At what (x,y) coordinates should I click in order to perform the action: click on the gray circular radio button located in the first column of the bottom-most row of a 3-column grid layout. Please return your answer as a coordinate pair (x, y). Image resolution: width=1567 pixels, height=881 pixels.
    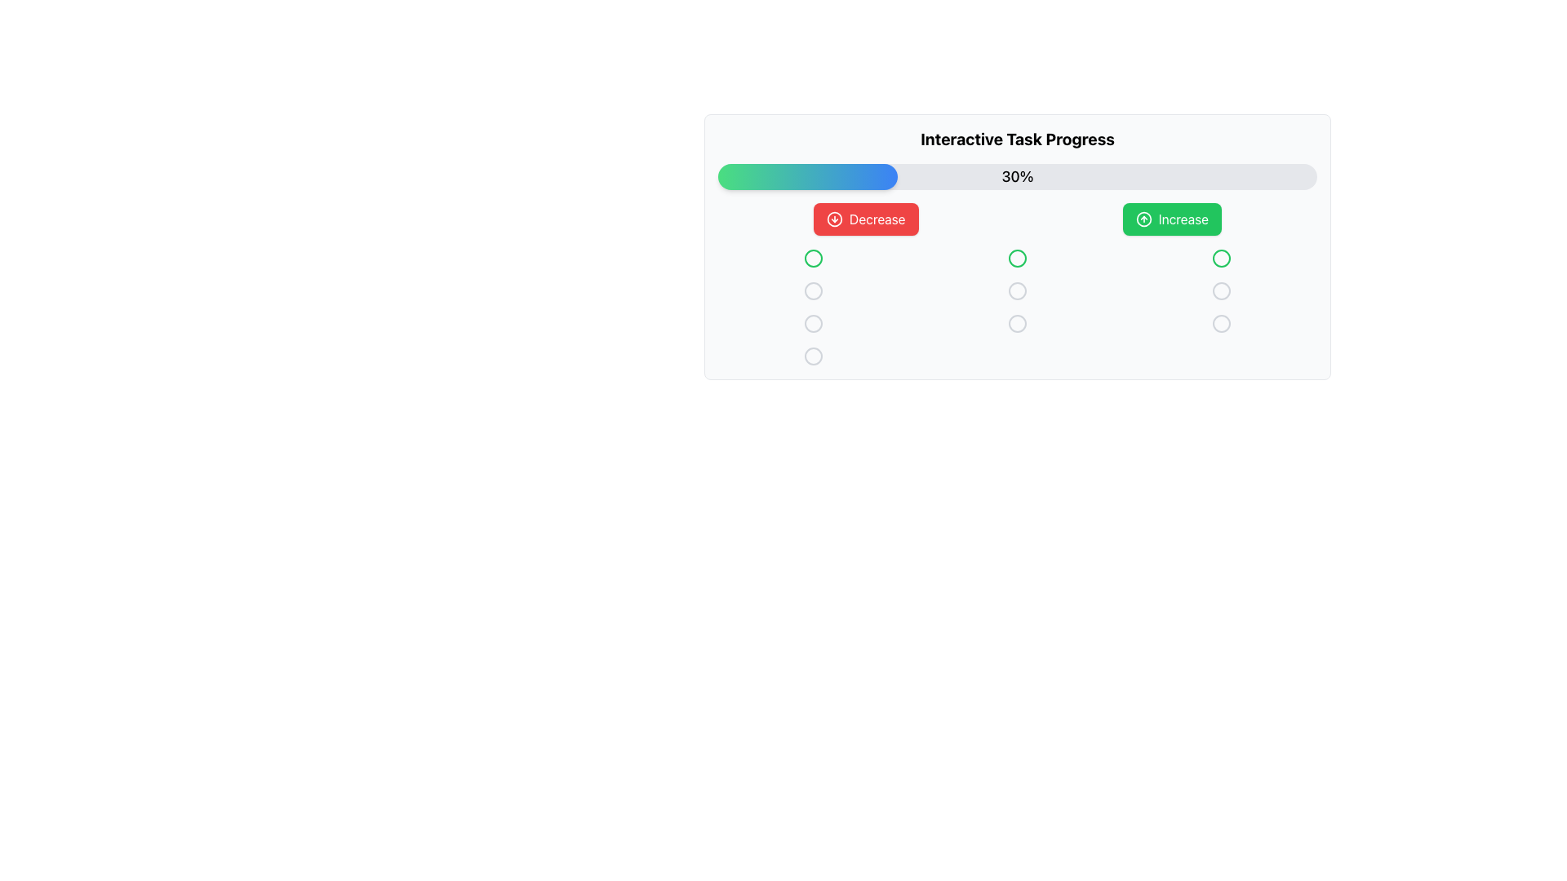
    Looking at the image, I should click on (814, 355).